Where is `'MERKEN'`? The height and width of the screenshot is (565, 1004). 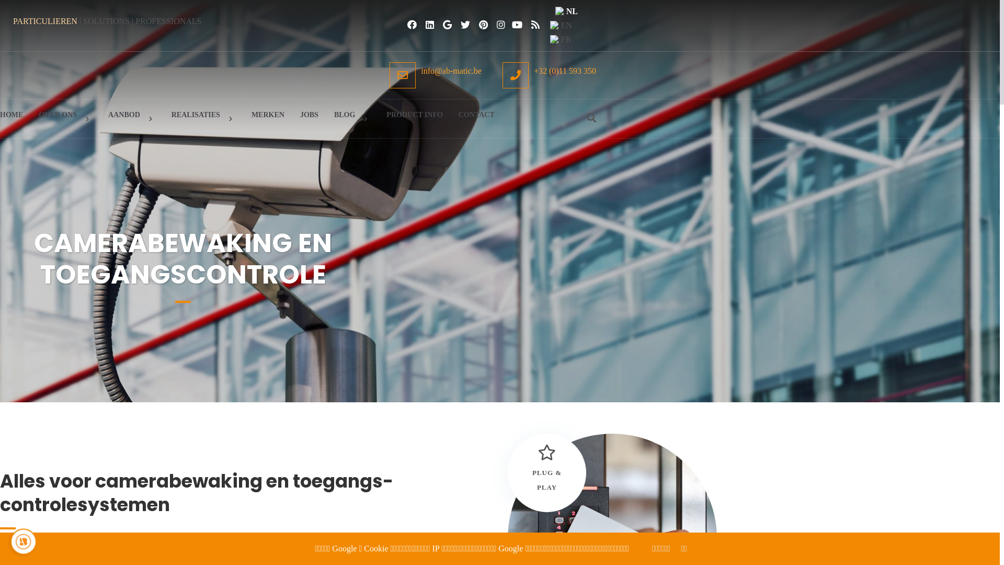
'MERKEN' is located at coordinates (268, 115).